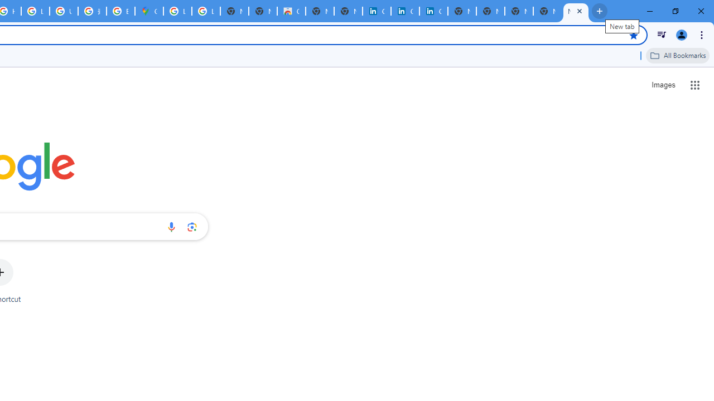 The image size is (714, 401). Describe the element at coordinates (148, 11) in the screenshot. I see `'Google Maps'` at that location.